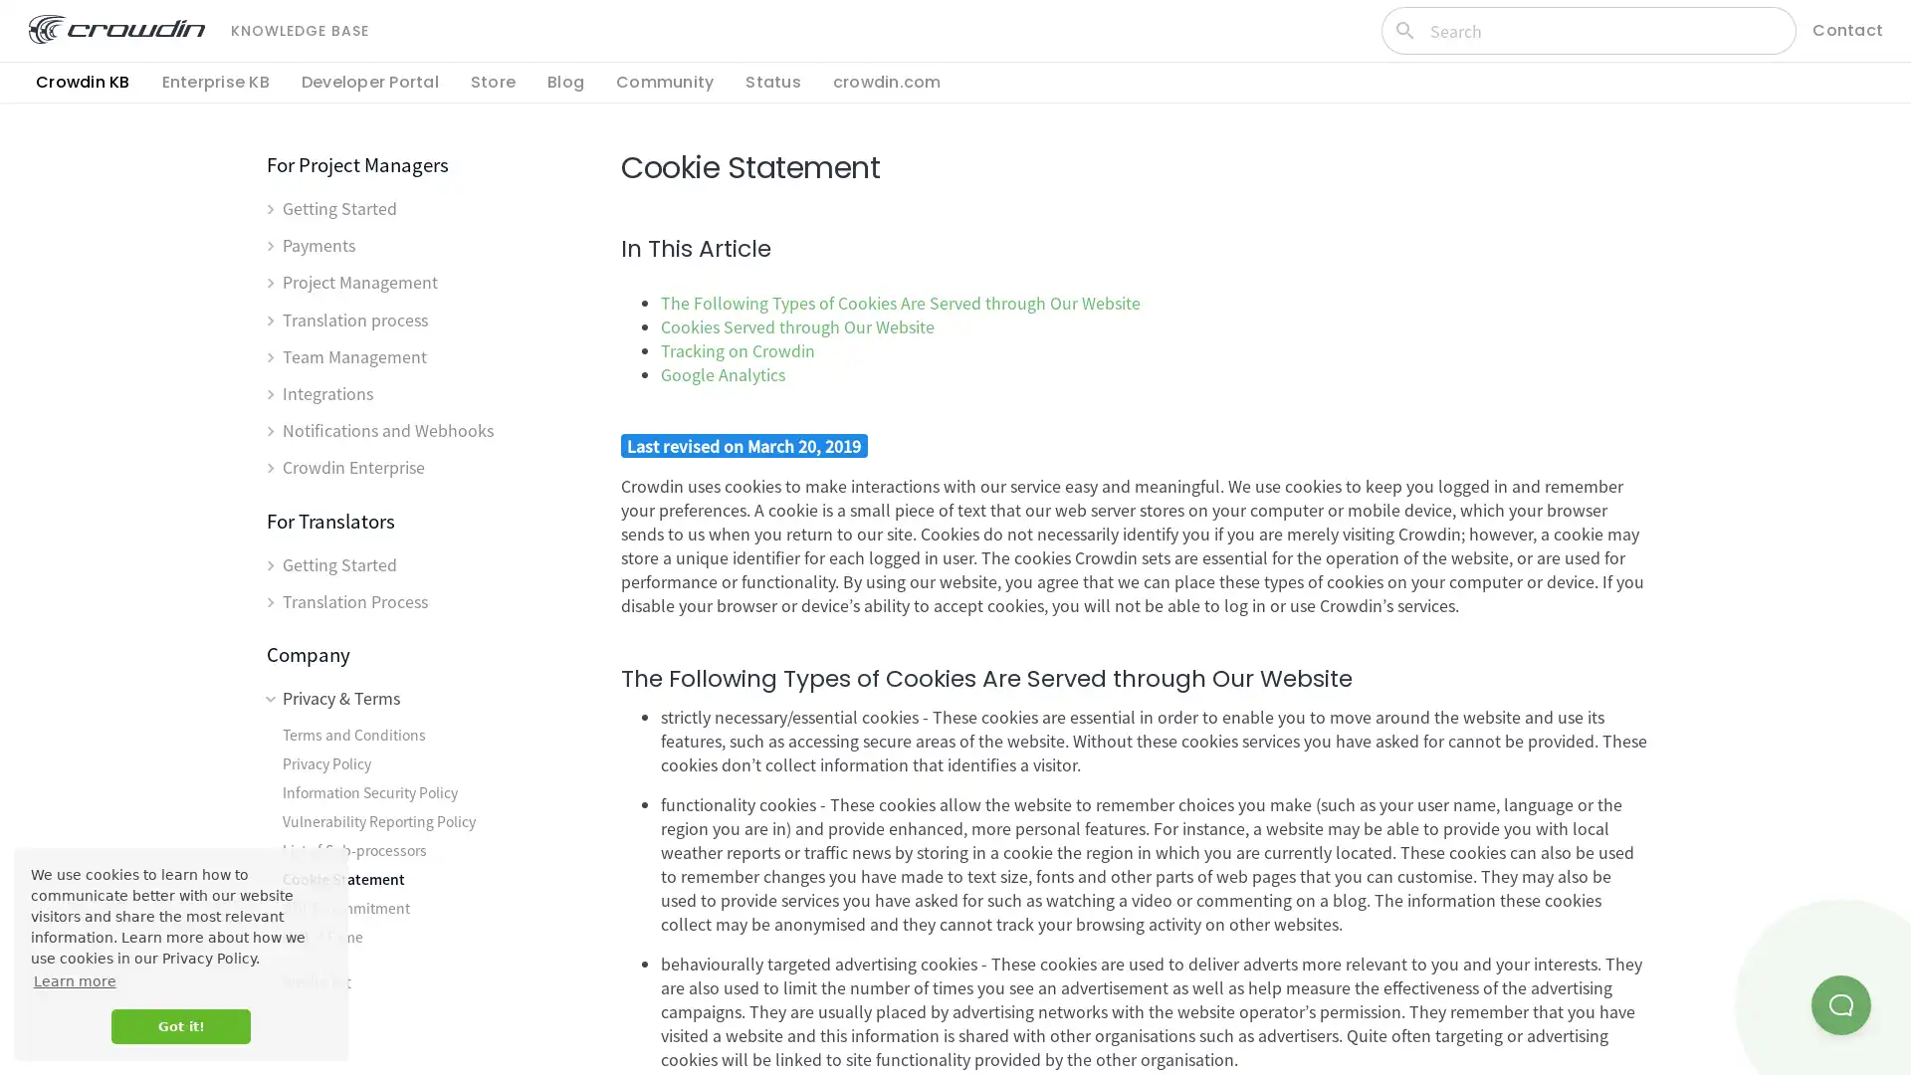  I want to click on learn more about cookies, so click(74, 980).